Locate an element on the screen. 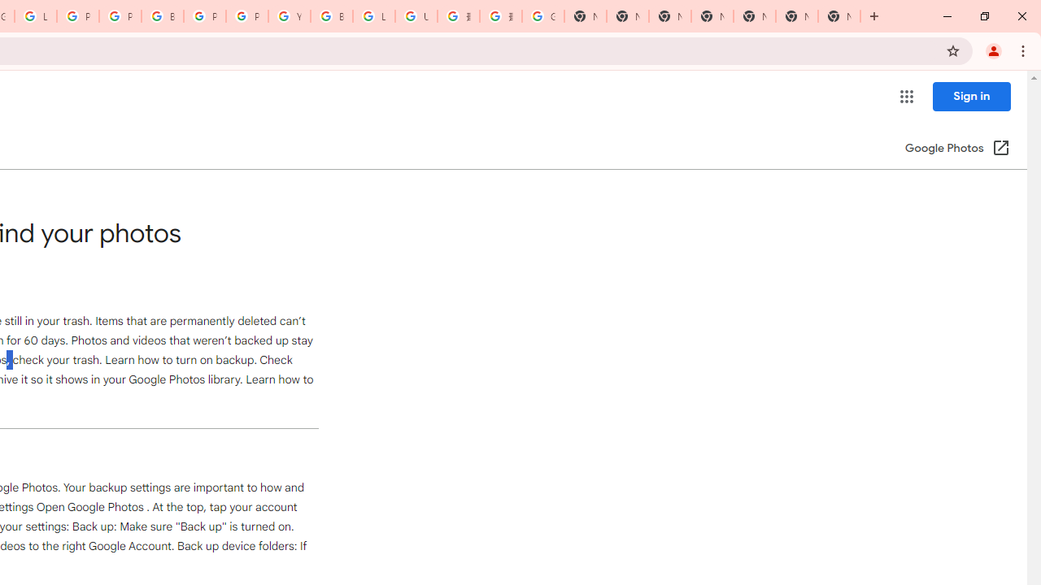 The image size is (1041, 585). 'Privacy Help Center - Policies Help' is located at coordinates (77, 16).